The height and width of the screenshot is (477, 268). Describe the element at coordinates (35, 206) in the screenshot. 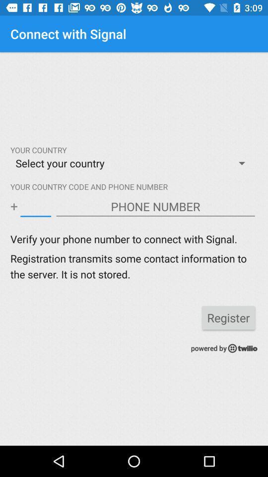

I see `country code` at that location.